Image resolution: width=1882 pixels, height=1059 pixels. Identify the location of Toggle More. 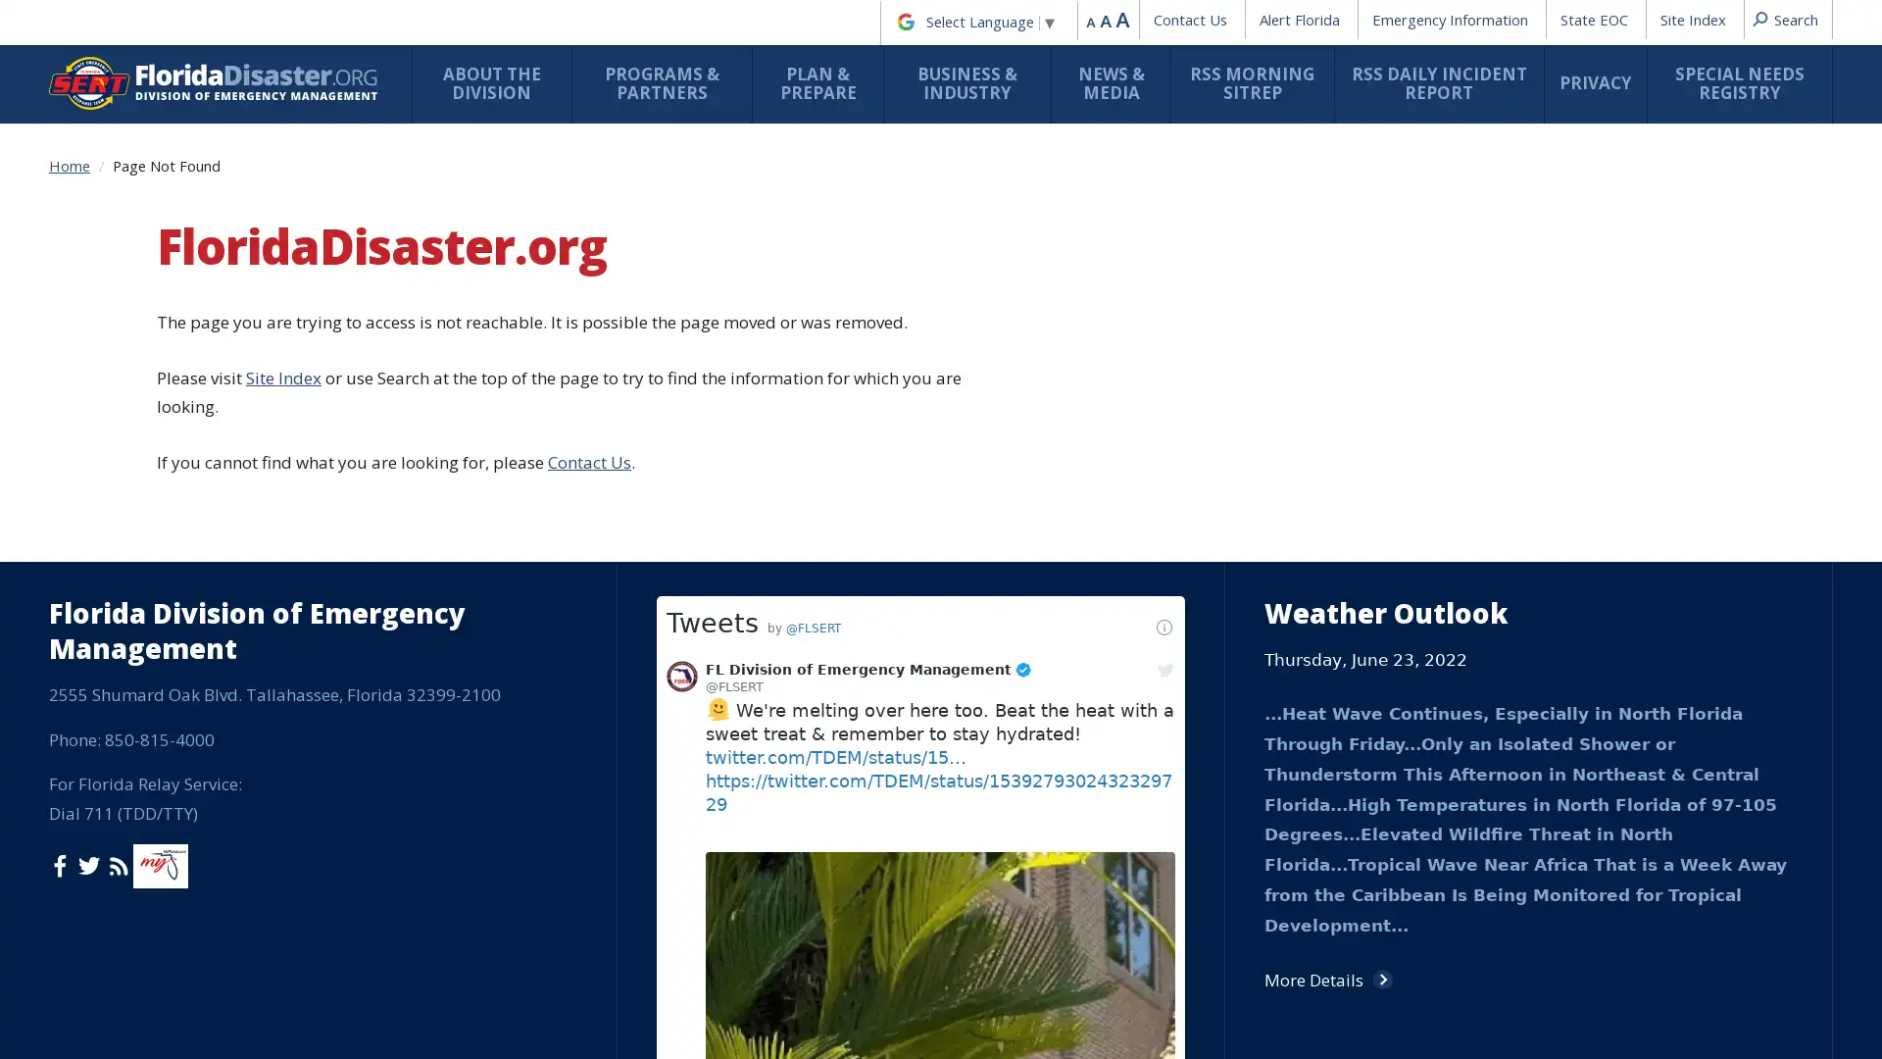
(785, 730).